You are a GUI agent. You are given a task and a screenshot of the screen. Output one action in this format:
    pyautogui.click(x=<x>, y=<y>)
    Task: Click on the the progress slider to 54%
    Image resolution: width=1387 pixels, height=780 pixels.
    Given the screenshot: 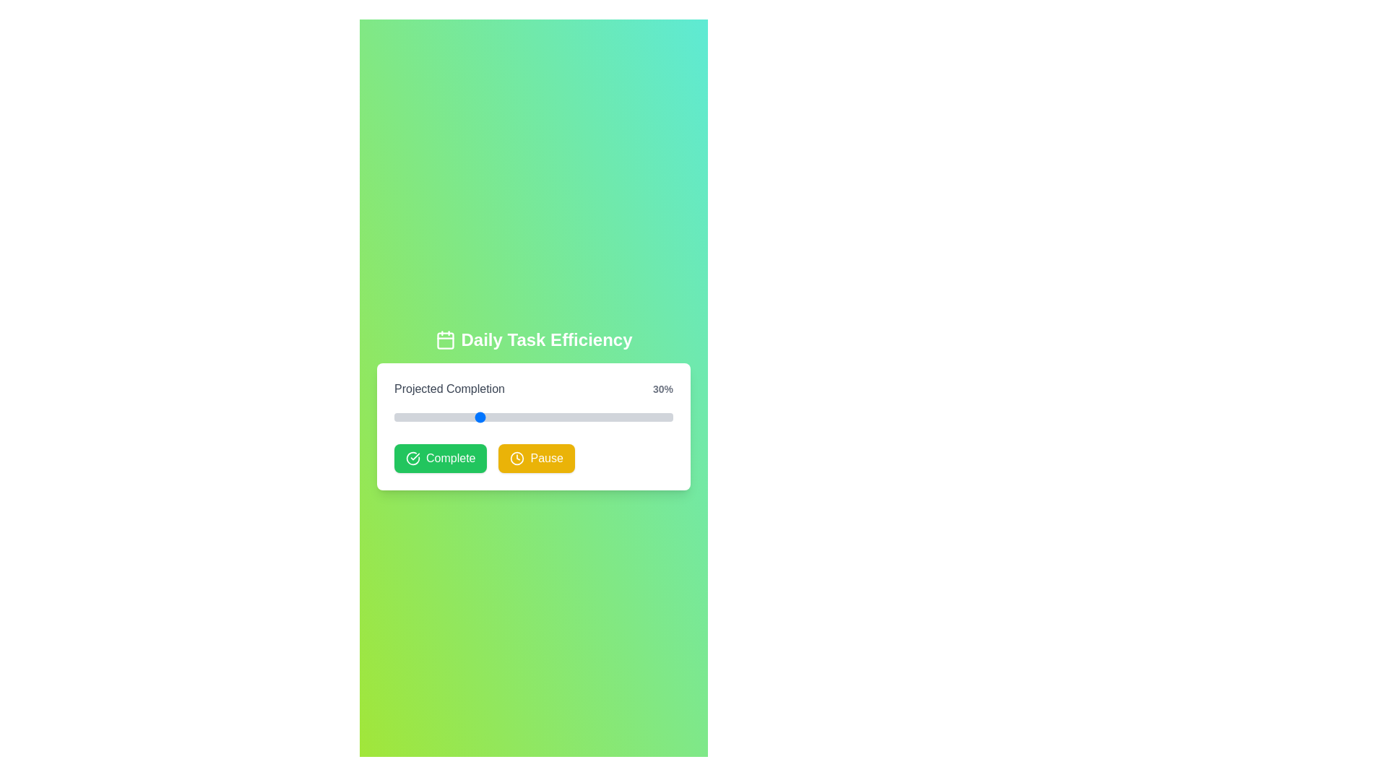 What is the action you would take?
    pyautogui.click(x=544, y=417)
    